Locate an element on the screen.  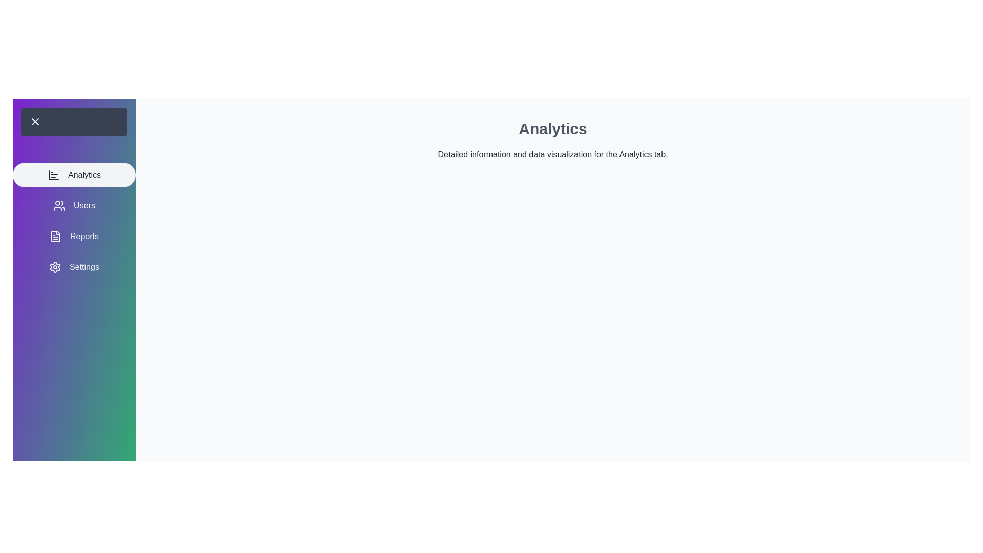
the menu option Reports by clicking on it is located at coordinates (73, 237).